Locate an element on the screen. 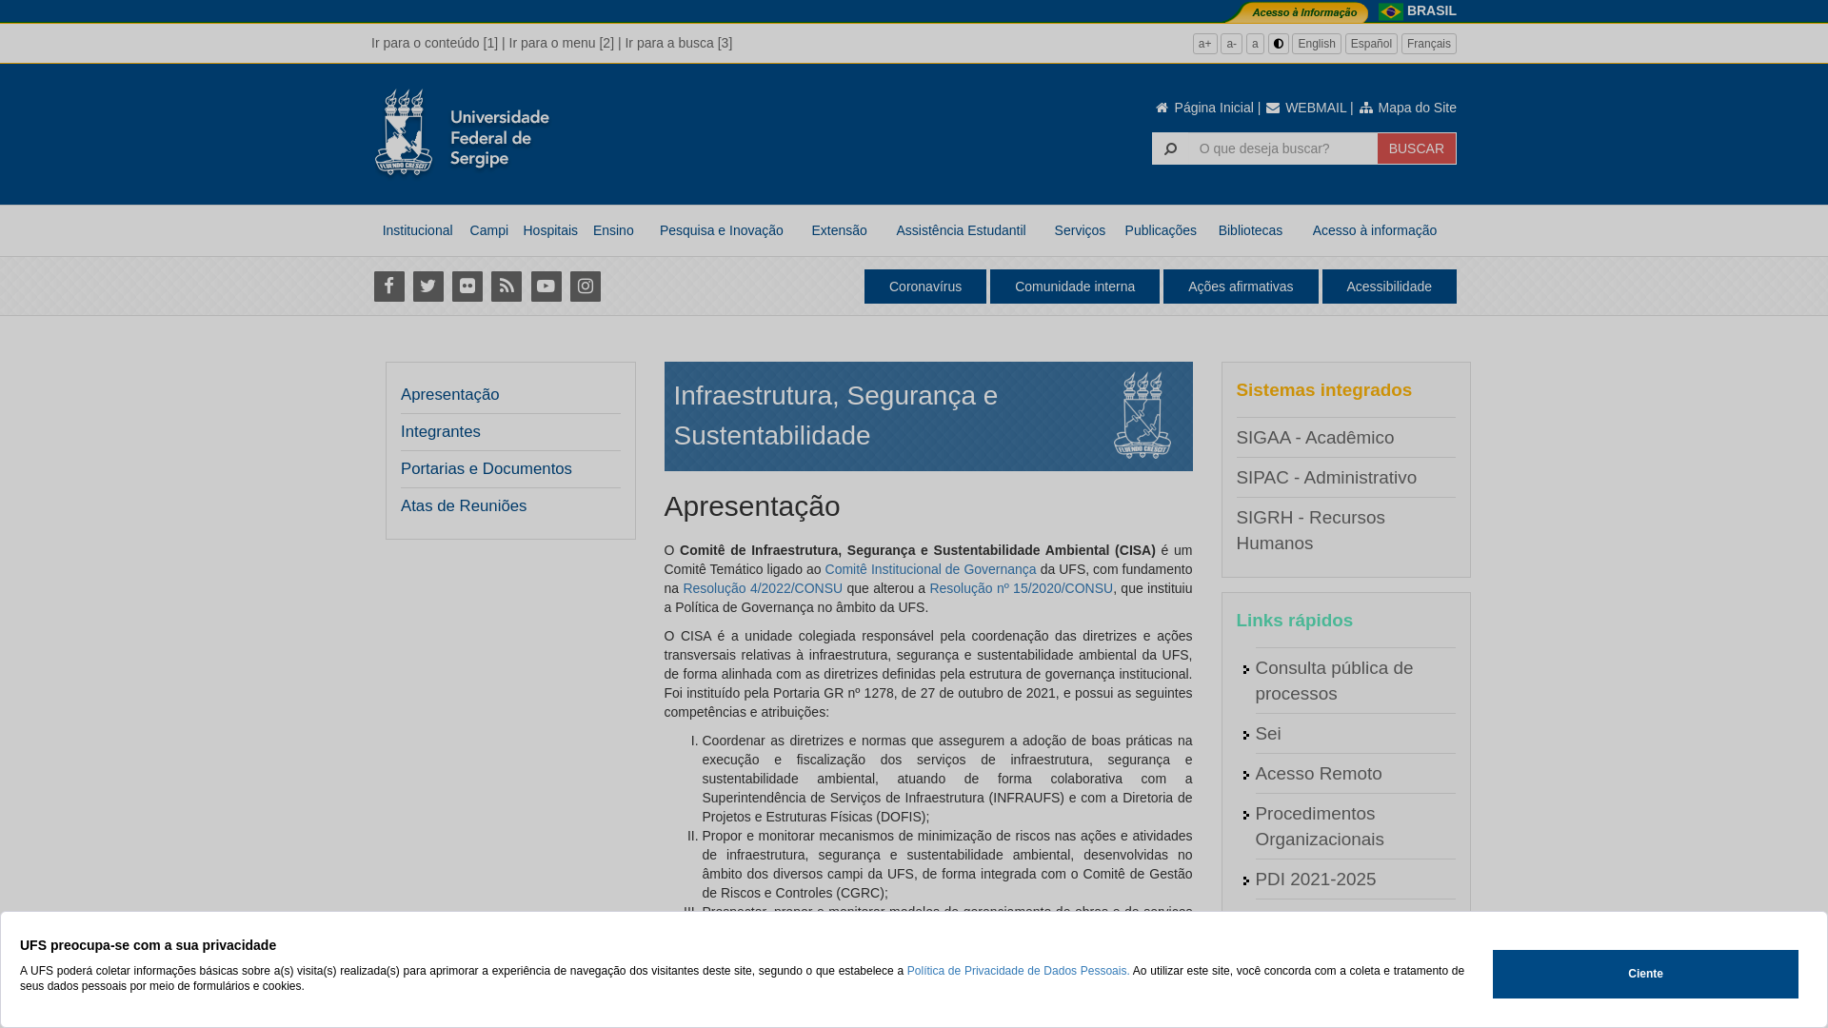  'a-' is located at coordinates (1231, 43).